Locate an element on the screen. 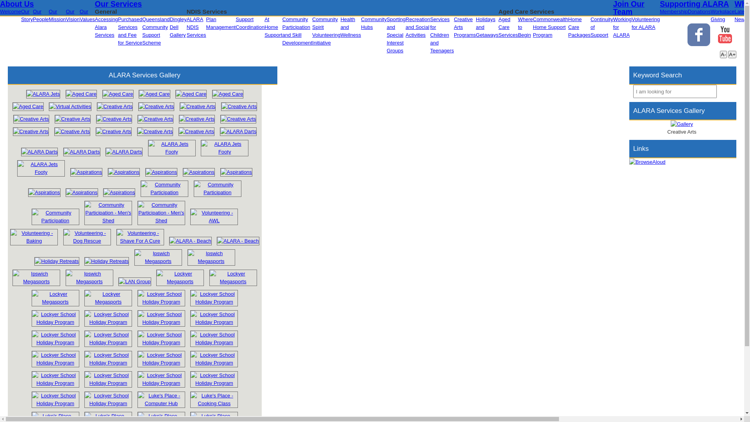  'Continuity of Support' is located at coordinates (601, 27).